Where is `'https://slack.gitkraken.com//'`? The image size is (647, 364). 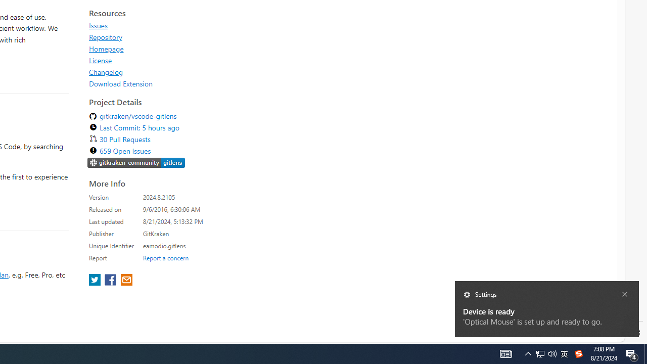 'https://slack.gitkraken.com//' is located at coordinates (136, 163).